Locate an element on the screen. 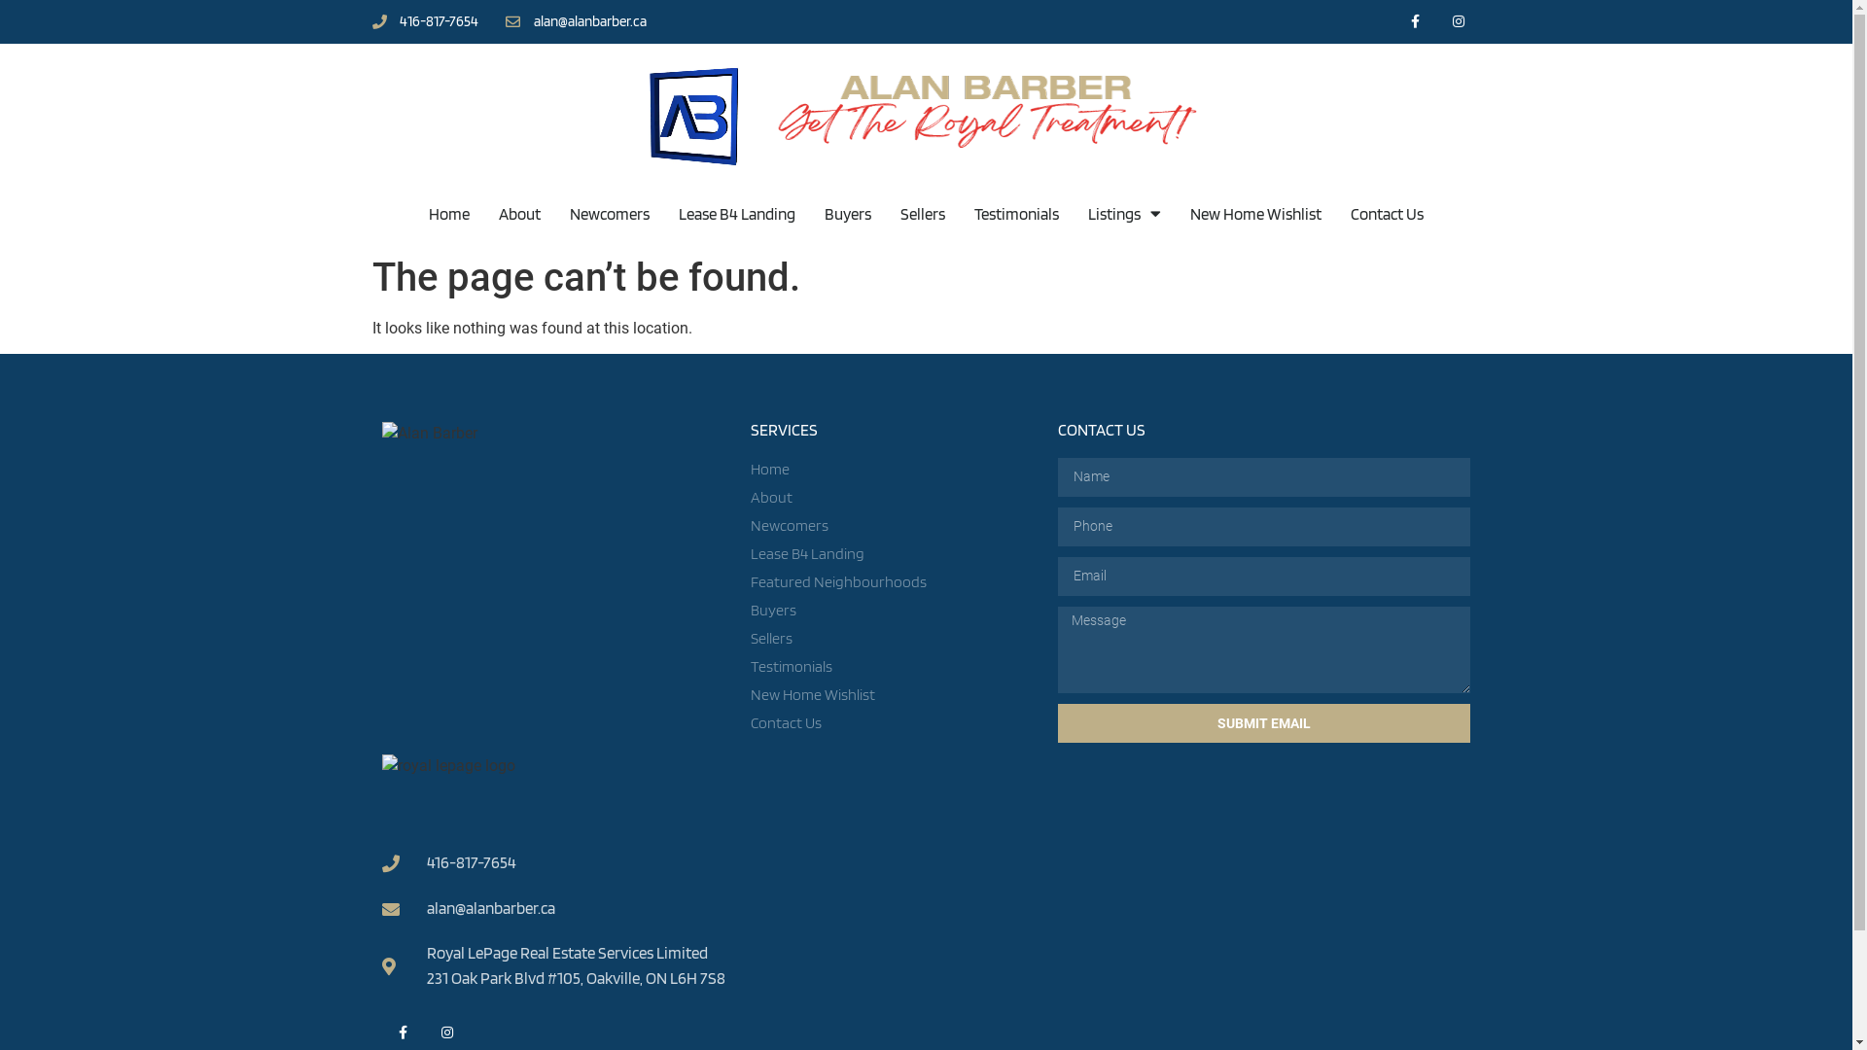 This screenshot has width=1867, height=1050. 'SUBMIT EMAIL' is located at coordinates (1264, 723).